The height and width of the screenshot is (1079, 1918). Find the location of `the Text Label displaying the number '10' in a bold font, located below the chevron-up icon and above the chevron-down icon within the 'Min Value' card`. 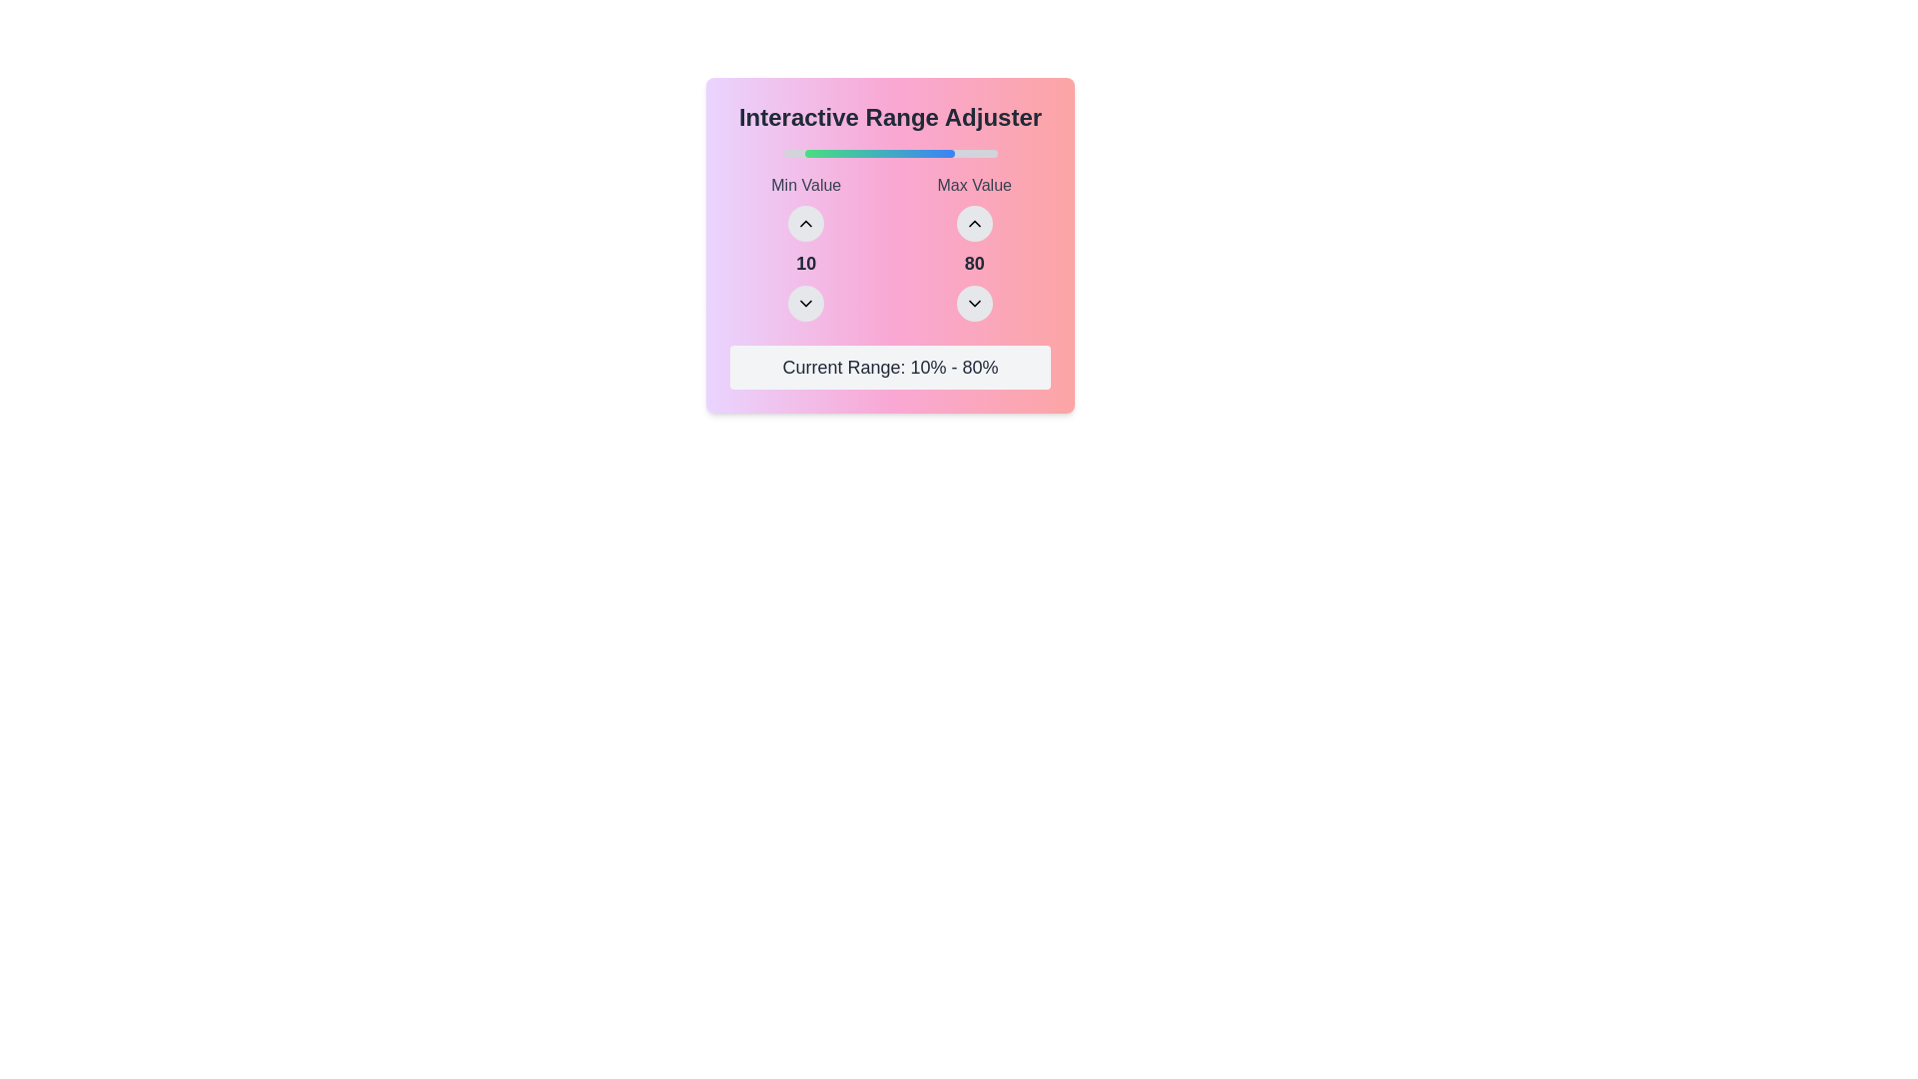

the Text Label displaying the number '10' in a bold font, located below the chevron-up icon and above the chevron-down icon within the 'Min Value' card is located at coordinates (806, 262).